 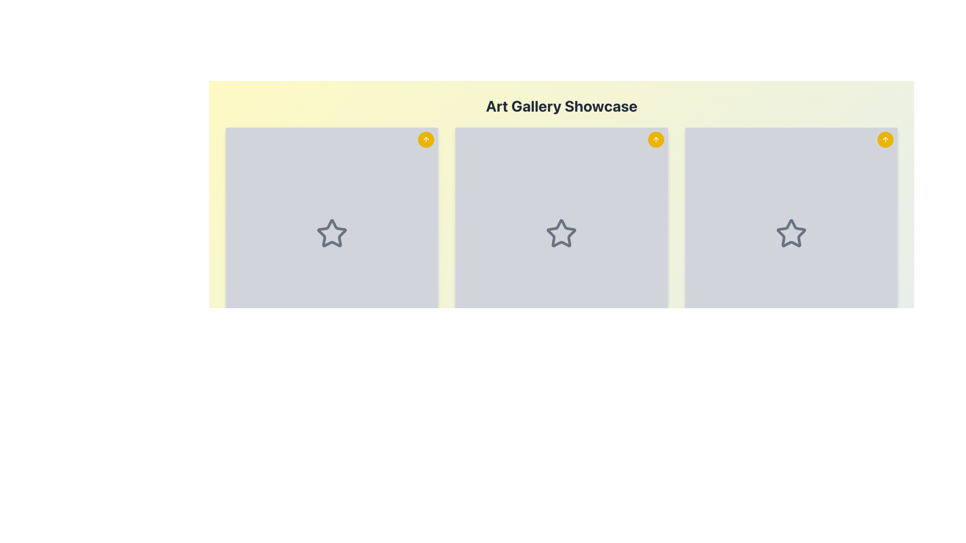 What do you see at coordinates (561, 260) in the screenshot?
I see `the second card in the showcase representing an art piece` at bounding box center [561, 260].